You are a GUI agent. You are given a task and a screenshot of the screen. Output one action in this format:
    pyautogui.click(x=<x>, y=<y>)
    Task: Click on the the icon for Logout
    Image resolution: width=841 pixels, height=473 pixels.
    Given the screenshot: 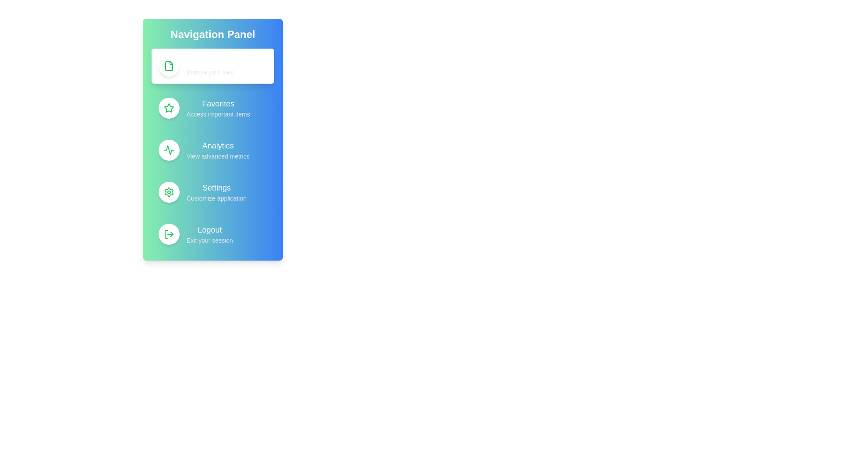 What is the action you would take?
    pyautogui.click(x=169, y=234)
    